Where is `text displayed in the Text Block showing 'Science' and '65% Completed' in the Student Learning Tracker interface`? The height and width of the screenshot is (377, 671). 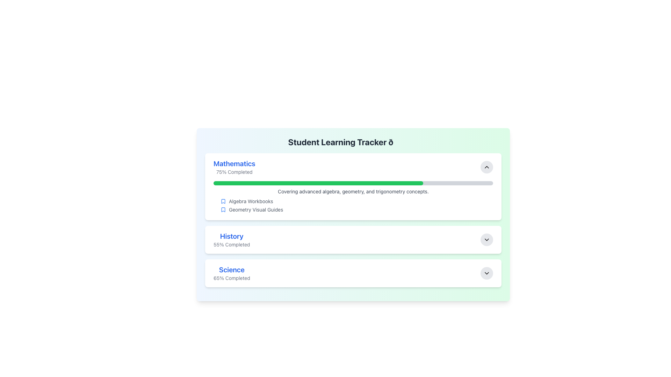
text displayed in the Text Block showing 'Science' and '65% Completed' in the Student Learning Tracker interface is located at coordinates (232, 273).